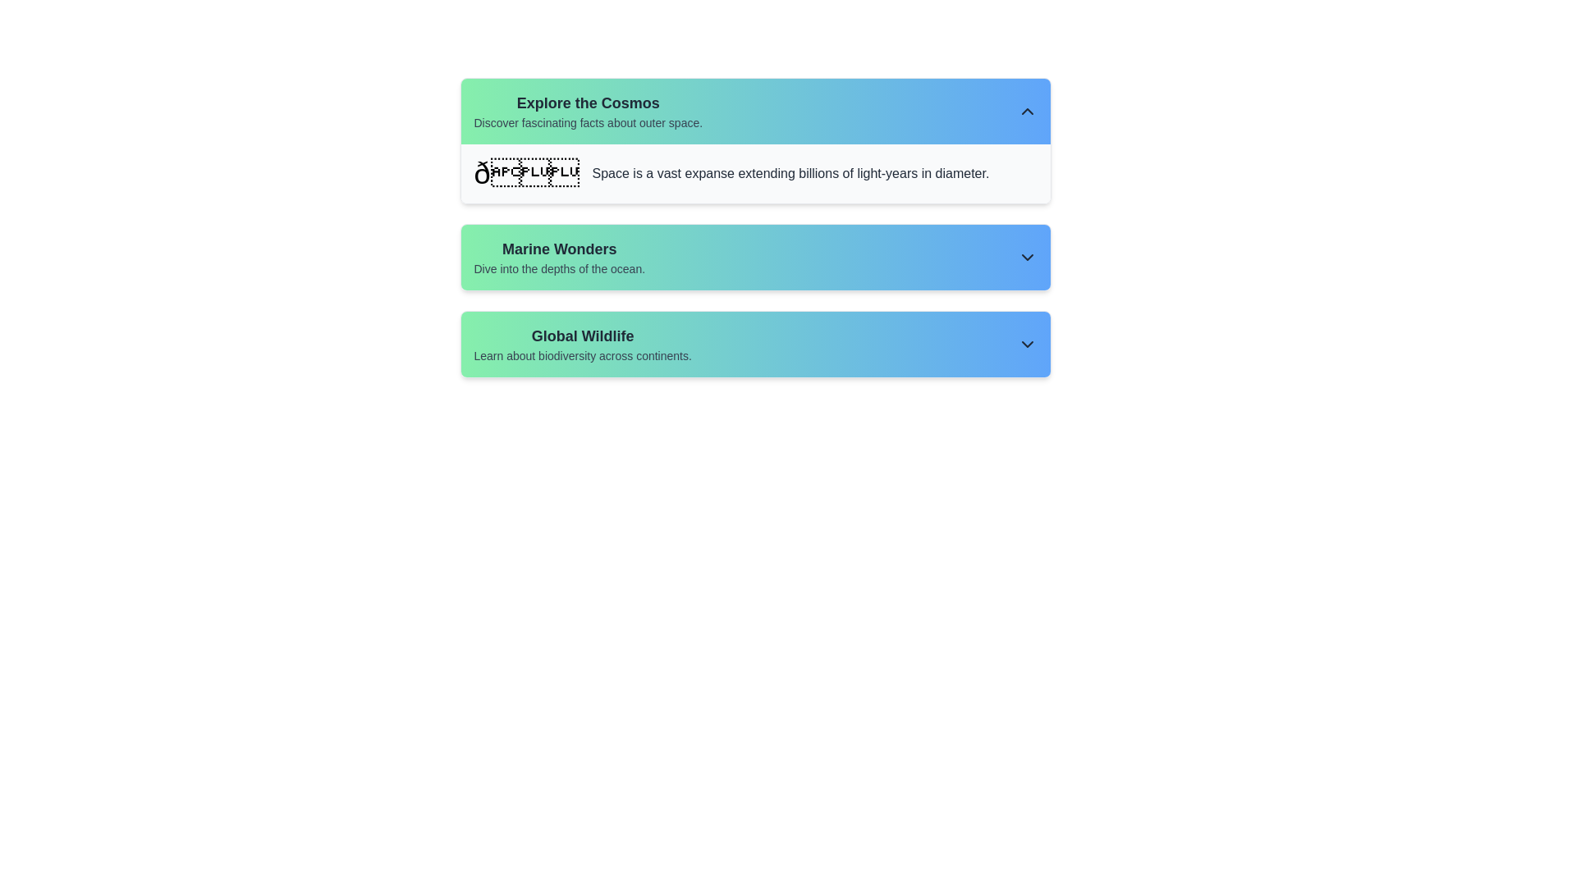 Image resolution: width=1576 pixels, height=886 pixels. I want to click on the chevron arrow icon located at the far-right side of the 'Explore the Cosmos' section, so click(1026, 111).